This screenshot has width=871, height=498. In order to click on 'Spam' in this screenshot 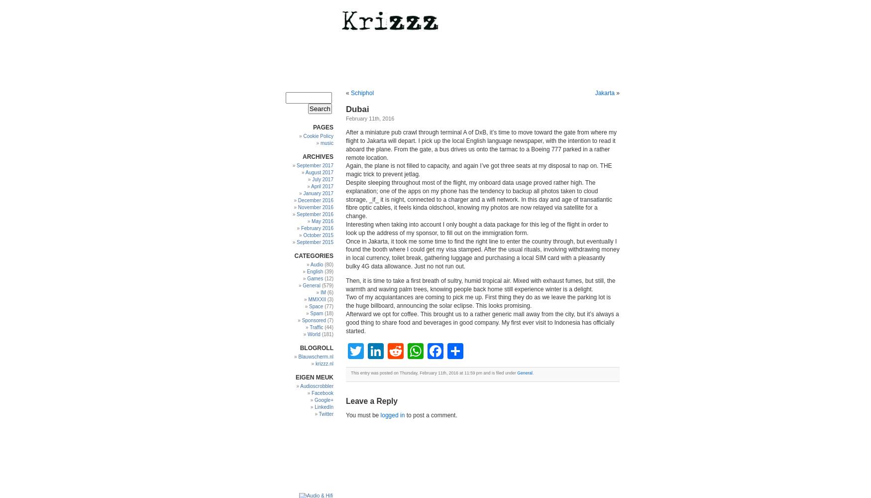, I will do `click(316, 313)`.